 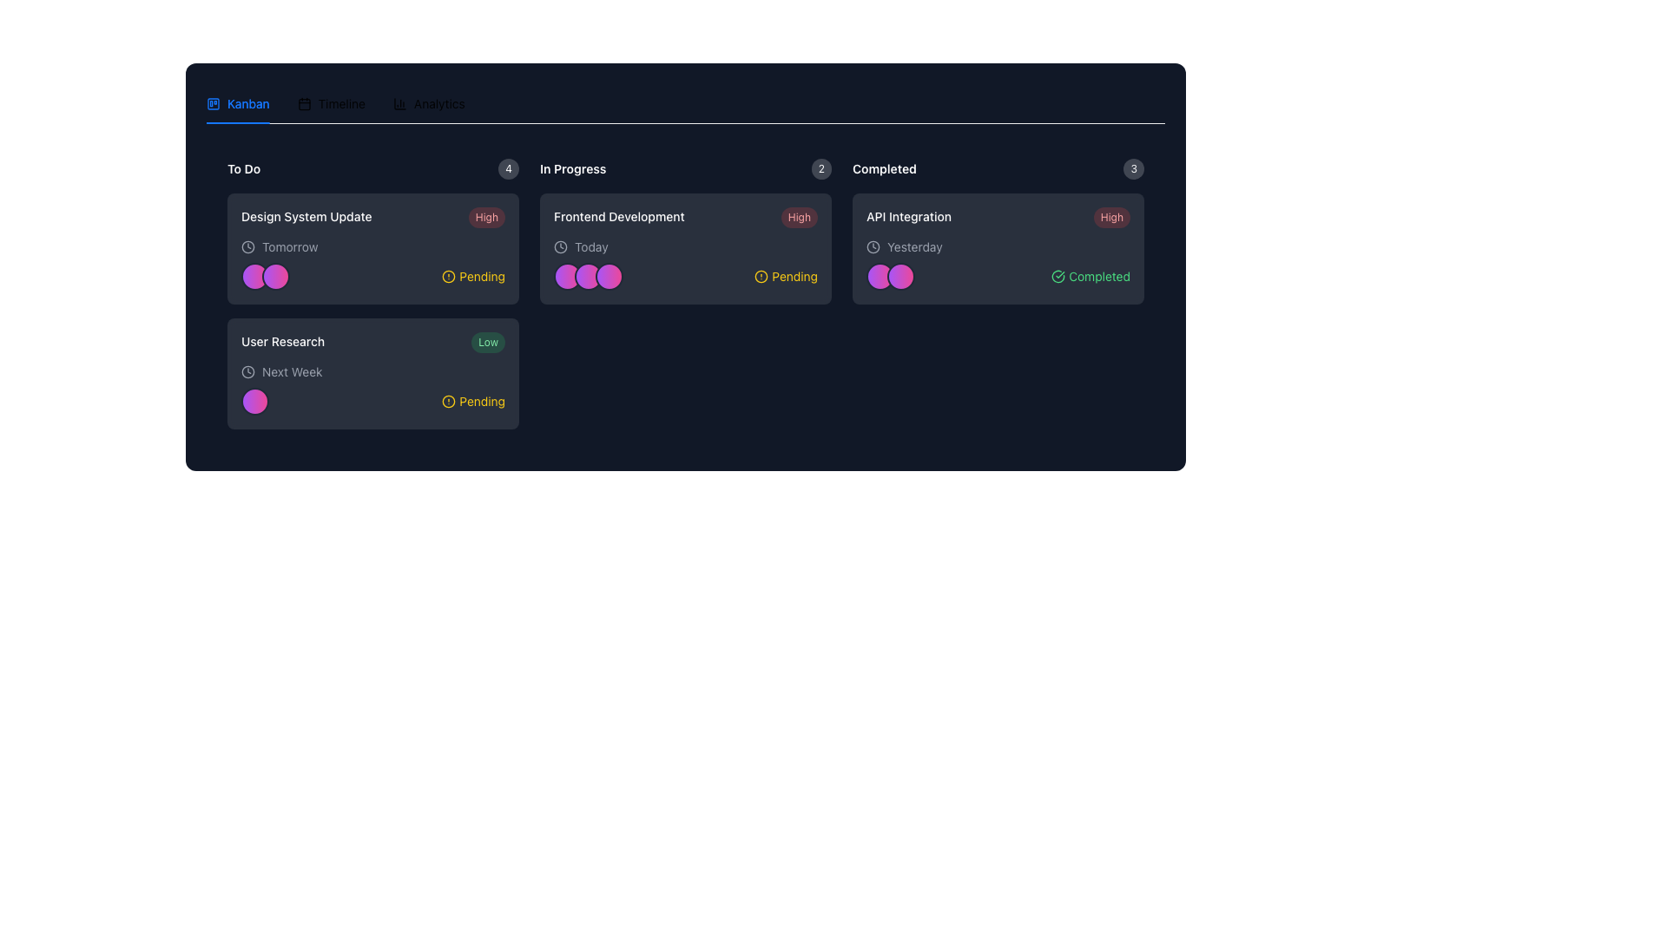 What do you see at coordinates (785, 276) in the screenshot?
I see `displayed status of the status indicator located in the bottom-right corner of the 'Frontend Development' card in the 'In Progress' column` at bounding box center [785, 276].